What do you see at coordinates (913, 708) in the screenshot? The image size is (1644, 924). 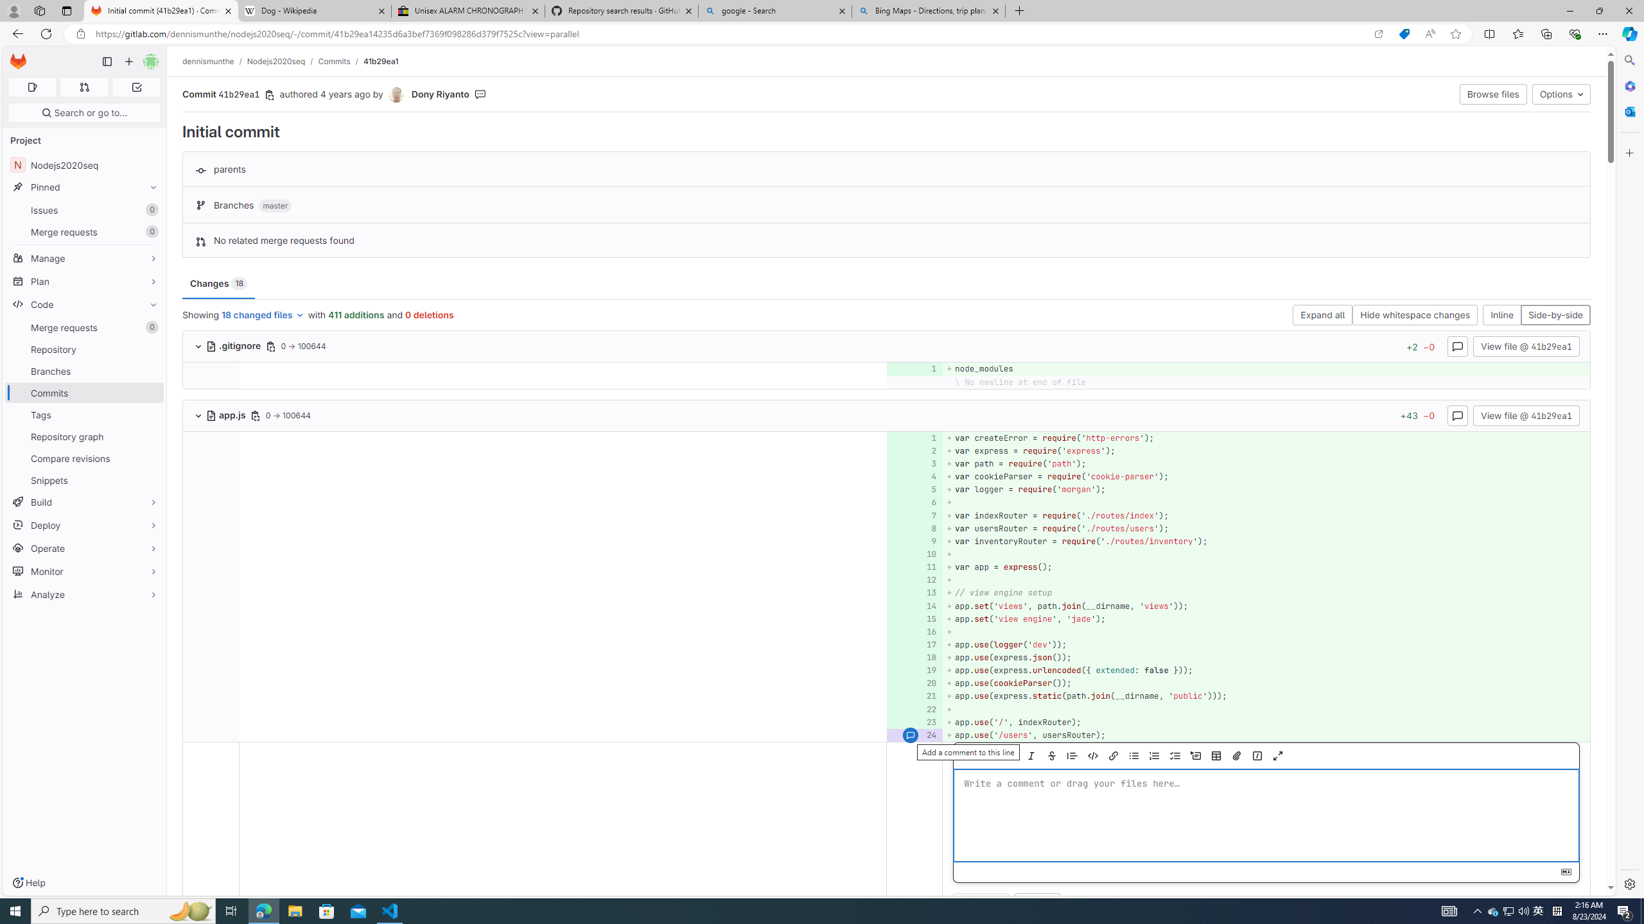 I see `'22'` at bounding box center [913, 708].